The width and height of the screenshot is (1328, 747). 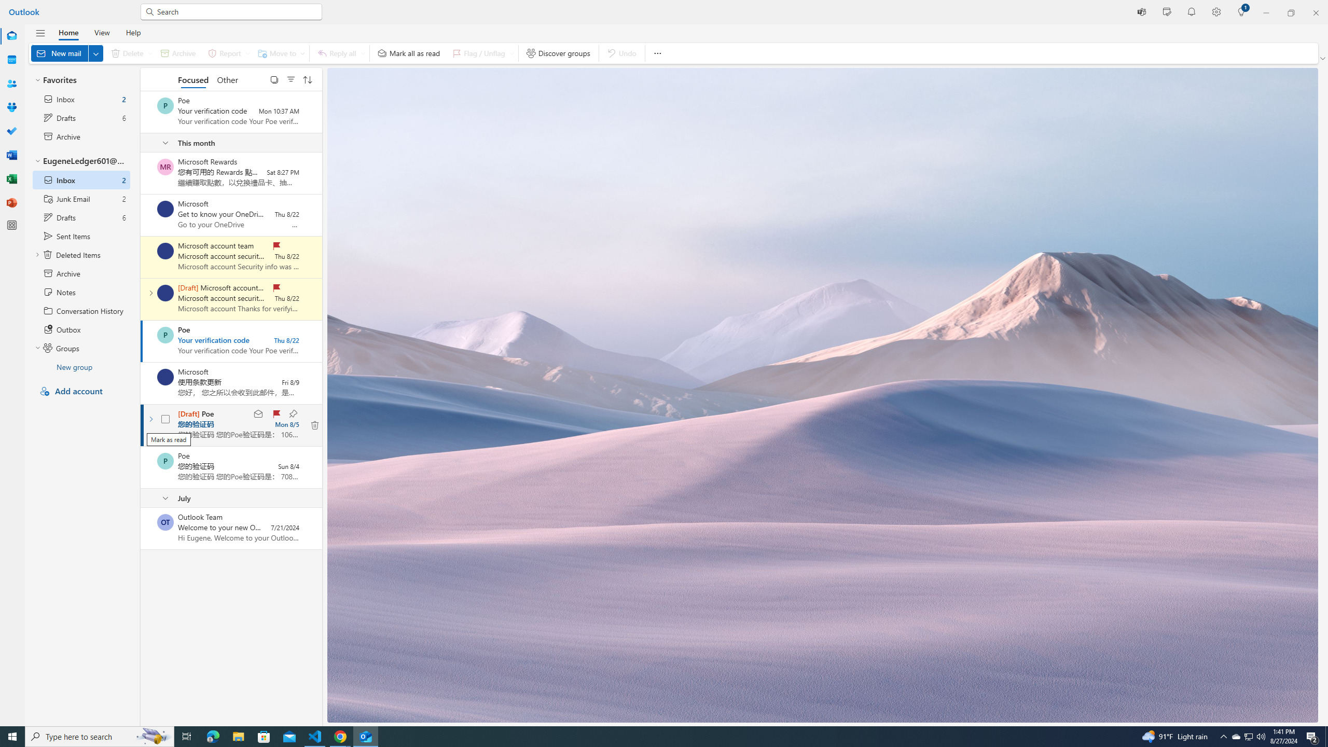 I want to click on 'Flag / Unflag', so click(x=481, y=53).